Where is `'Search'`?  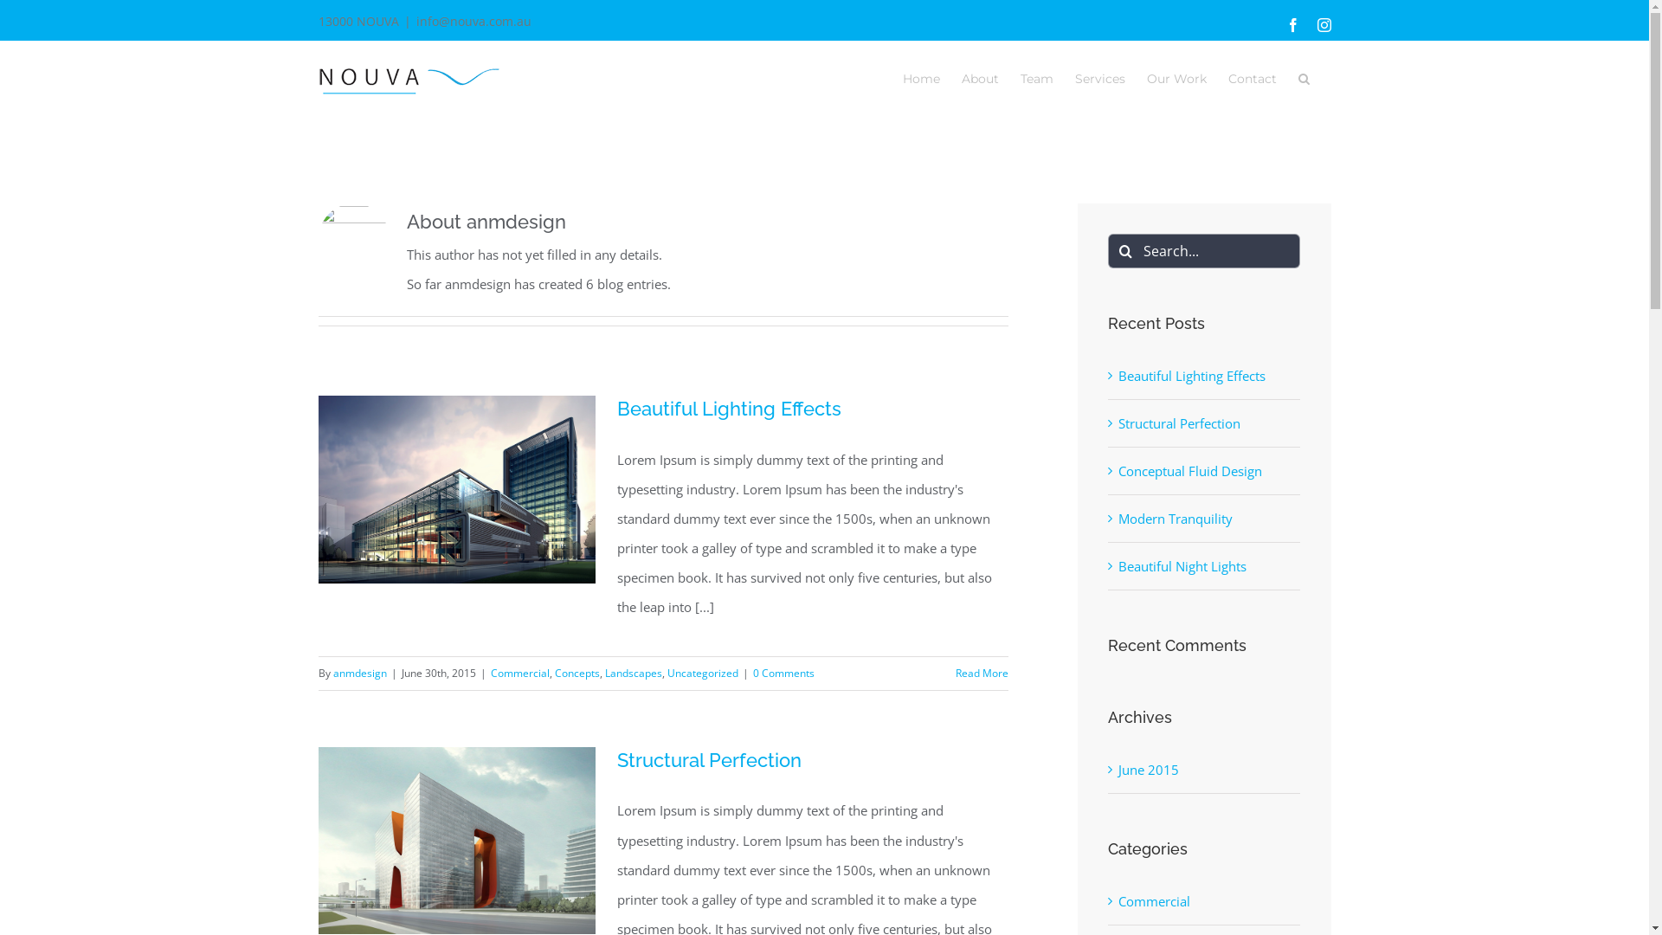
'Search' is located at coordinates (1304, 76).